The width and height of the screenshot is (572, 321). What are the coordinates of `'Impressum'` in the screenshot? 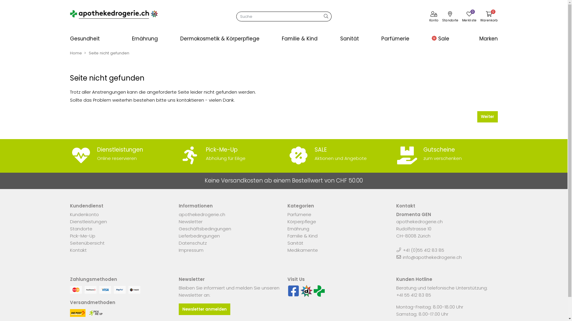 It's located at (178, 250).